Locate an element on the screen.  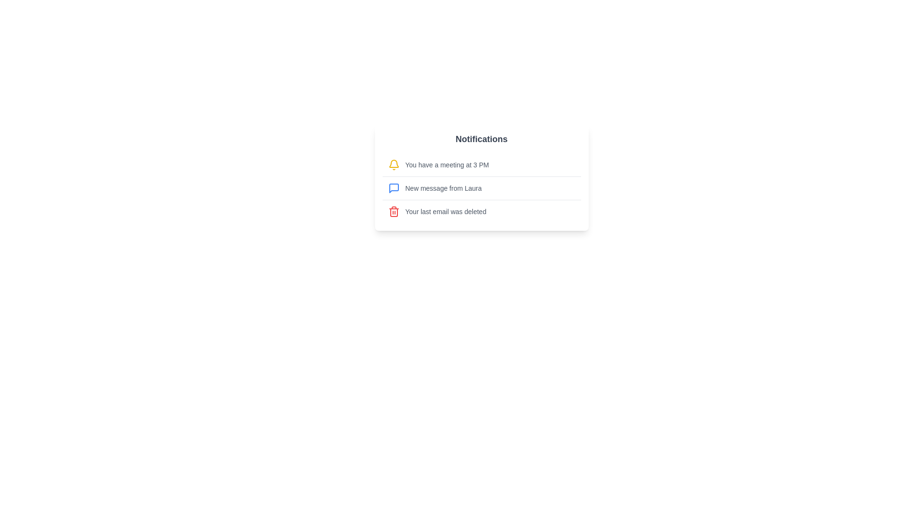
the notification item indicating a new message from Laura, which is the second item in the list of notifications is located at coordinates (481, 188).